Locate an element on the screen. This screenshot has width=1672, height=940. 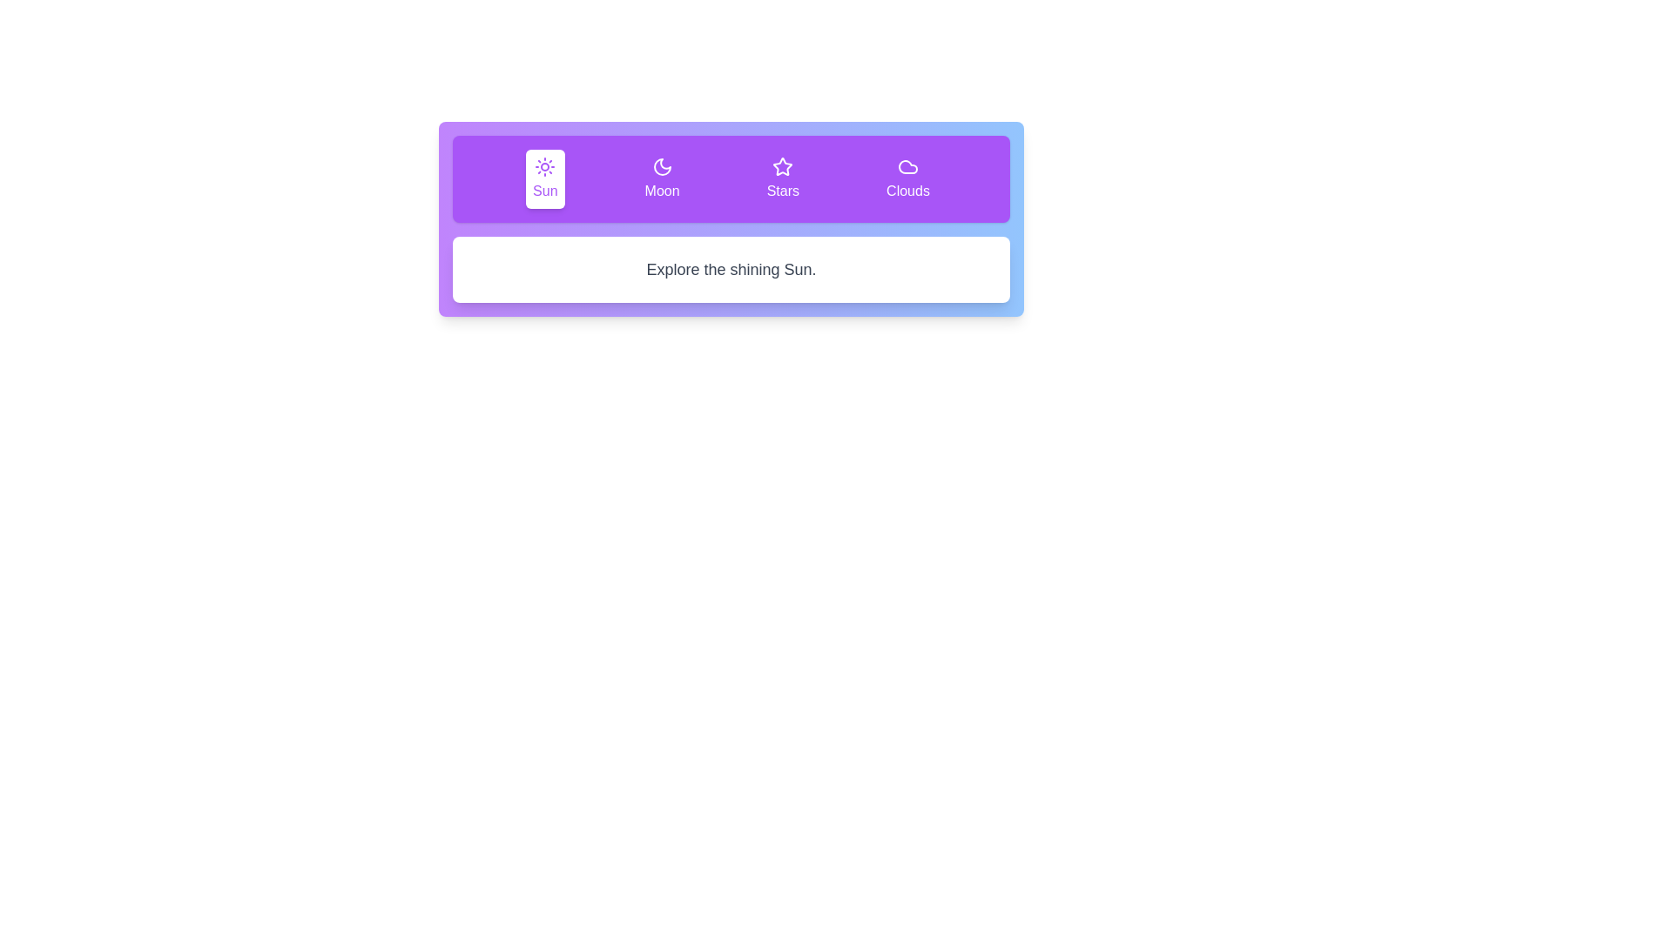
the cloud icon, which is the fourth item in the navigation menu labeled 'Clouds' on a purple background is located at coordinates (907, 167).